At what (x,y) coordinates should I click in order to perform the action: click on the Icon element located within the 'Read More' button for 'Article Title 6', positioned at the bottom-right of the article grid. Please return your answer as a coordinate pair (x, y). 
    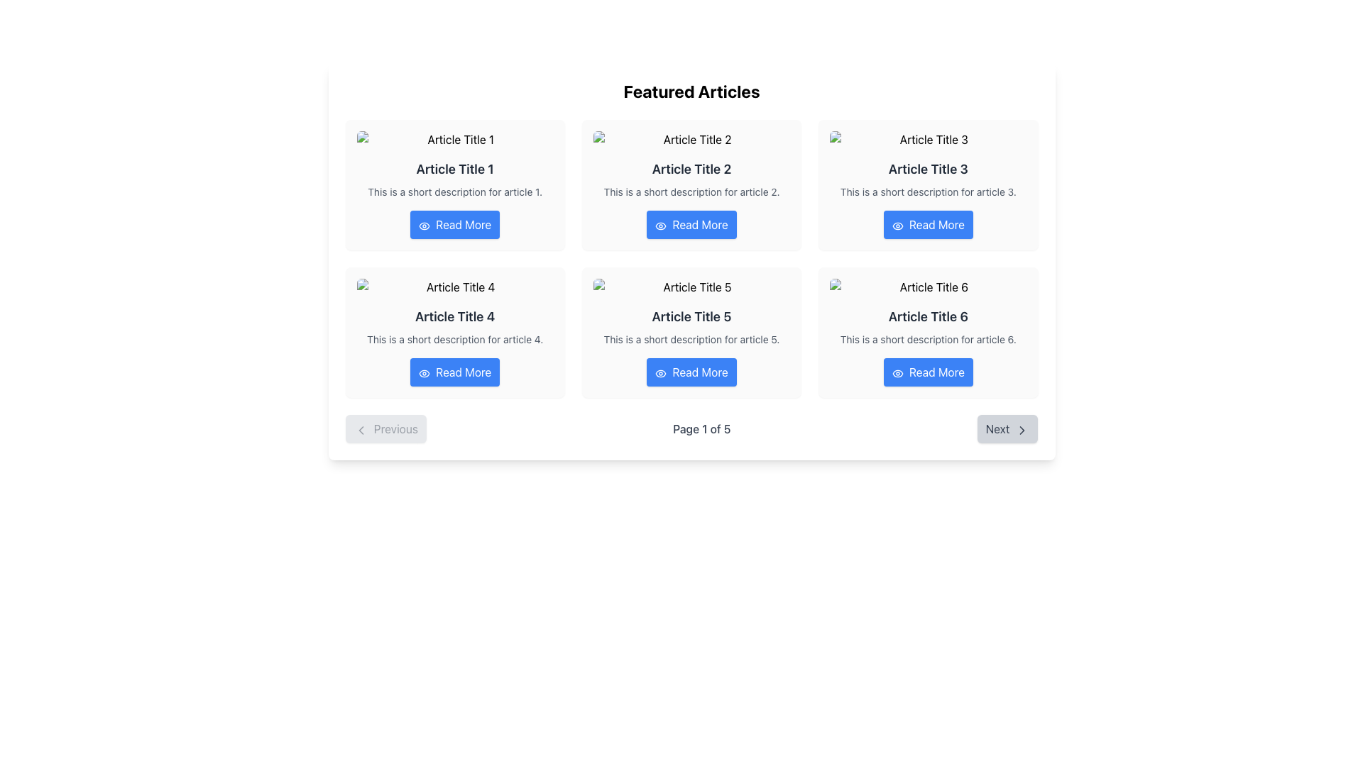
    Looking at the image, I should click on (897, 372).